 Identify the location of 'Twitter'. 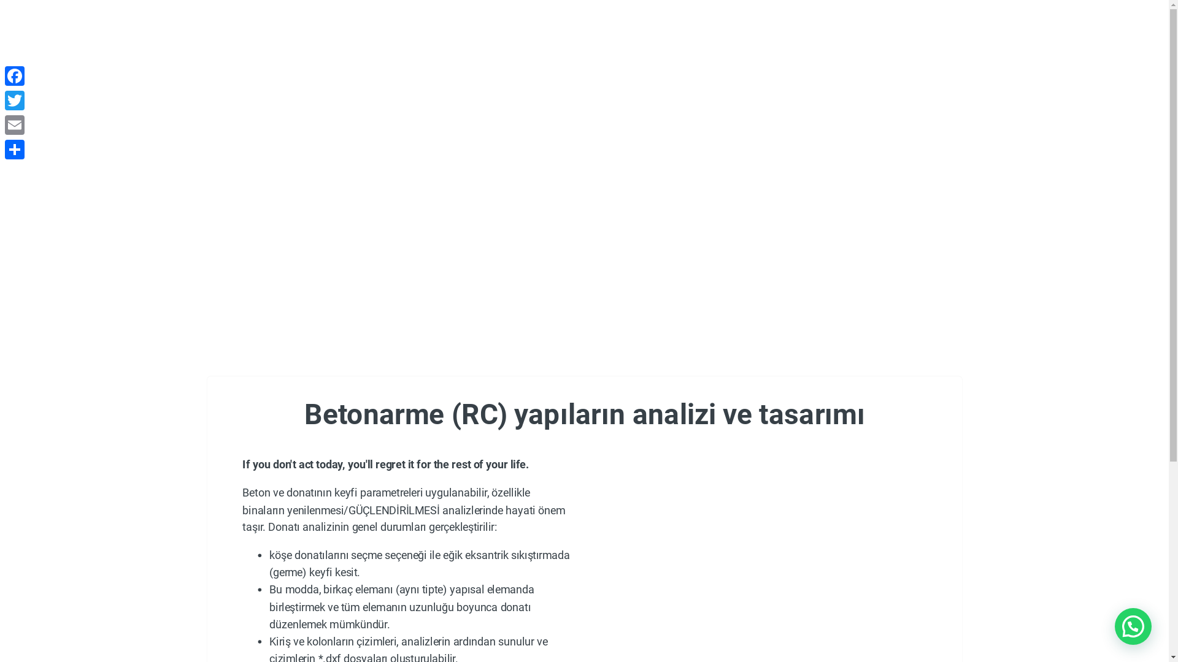
(15, 100).